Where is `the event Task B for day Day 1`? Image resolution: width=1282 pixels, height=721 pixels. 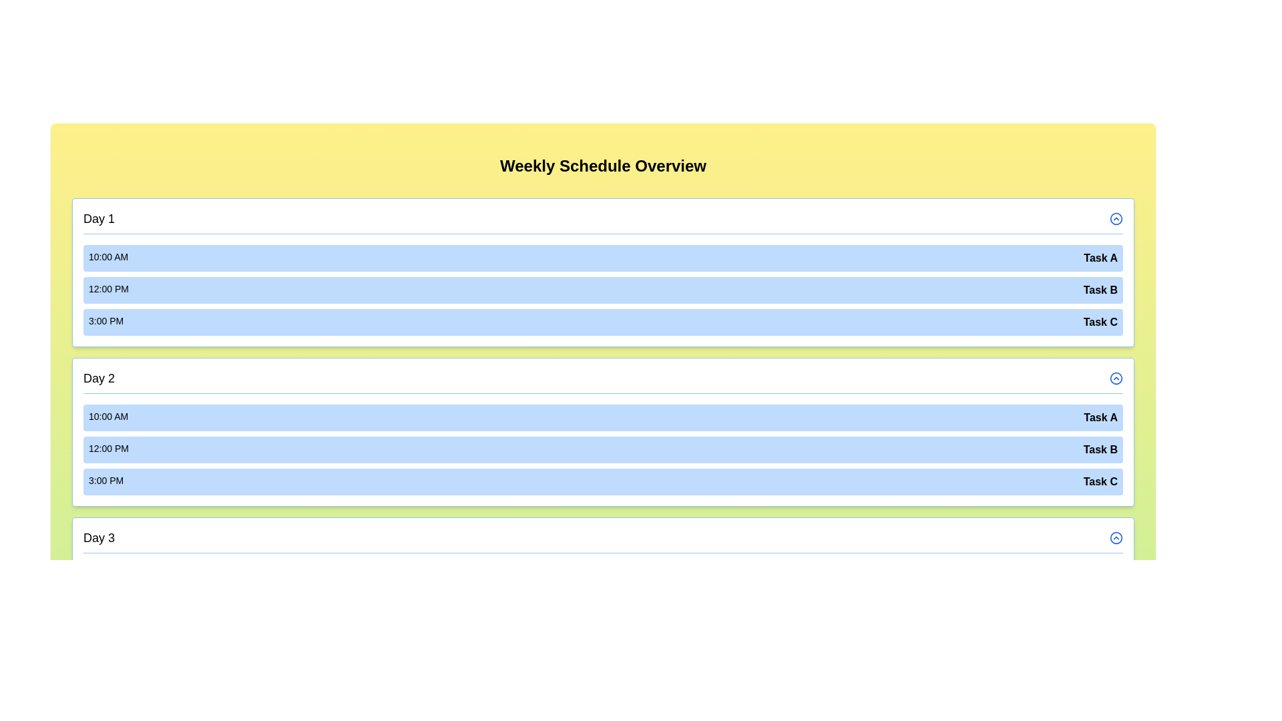 the event Task B for day Day 1 is located at coordinates (602, 290).